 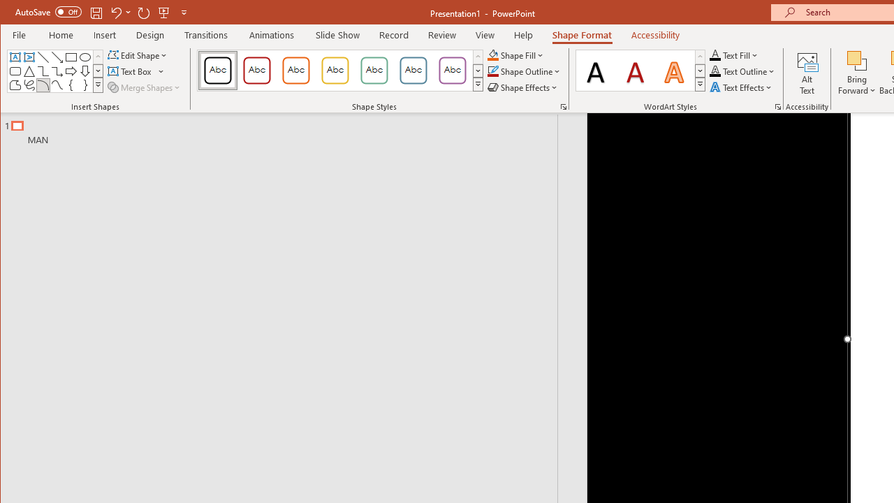 What do you see at coordinates (335, 70) in the screenshot?
I see `'Colored Outline - Gold, Accent 3'` at bounding box center [335, 70].